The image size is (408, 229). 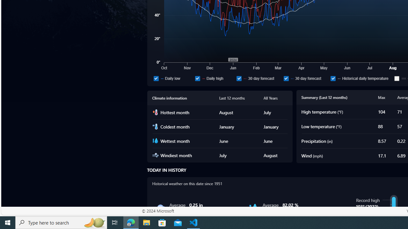 What do you see at coordinates (306, 78) in the screenshot?
I see `'30 day forecast'` at bounding box center [306, 78].